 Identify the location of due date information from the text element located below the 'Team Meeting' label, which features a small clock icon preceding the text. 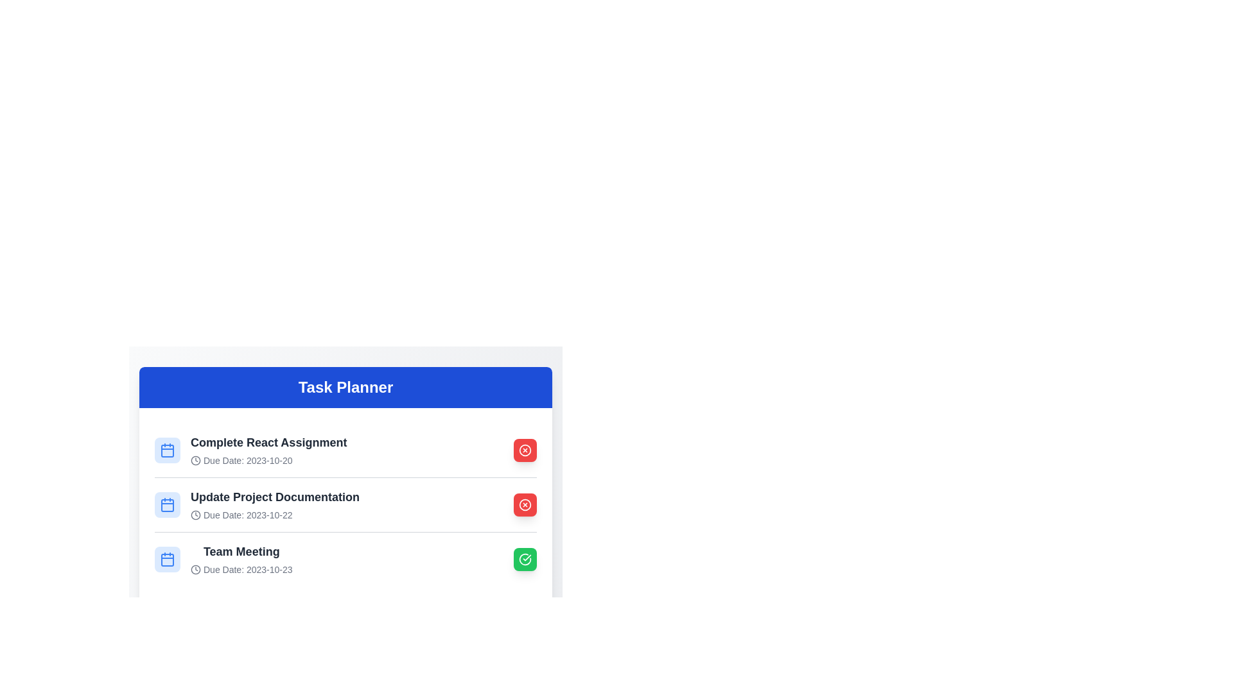
(241, 569).